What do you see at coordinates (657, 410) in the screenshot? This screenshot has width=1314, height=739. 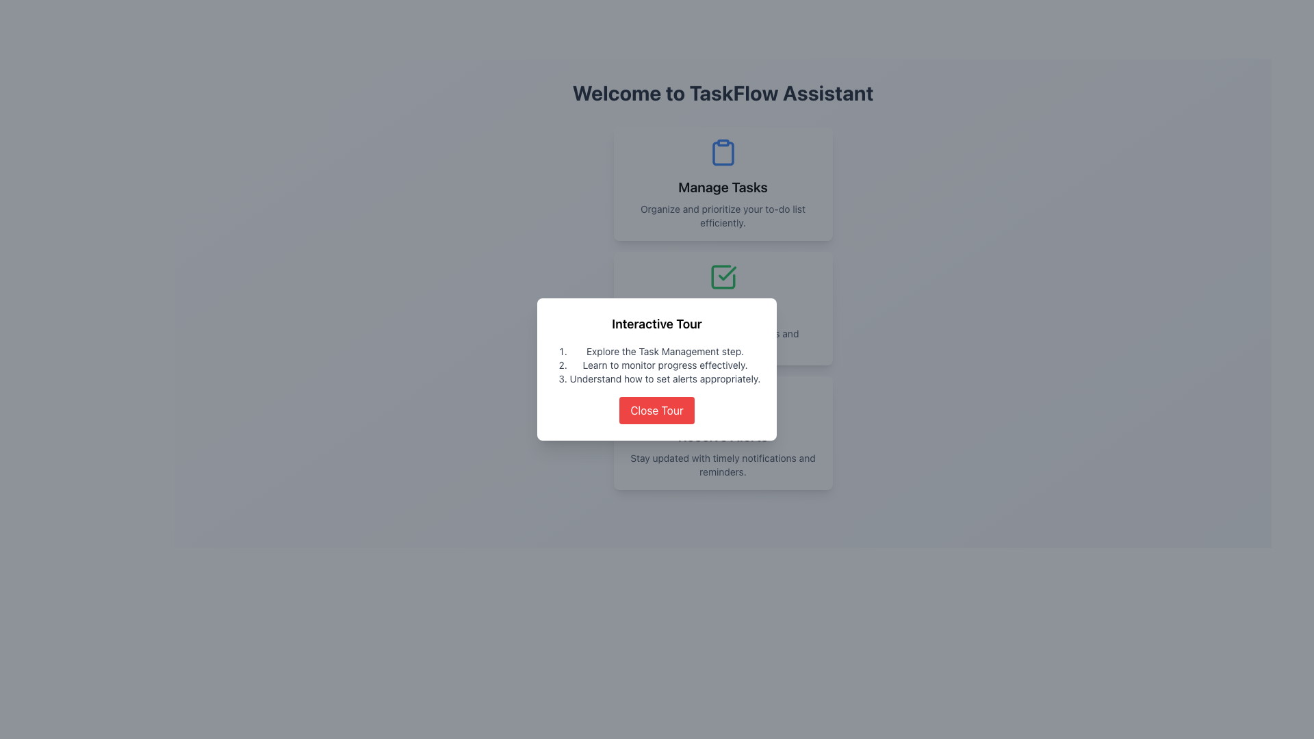 I see `the close button located at the bottom center of the modal dialog to terminate the interactive tour` at bounding box center [657, 410].